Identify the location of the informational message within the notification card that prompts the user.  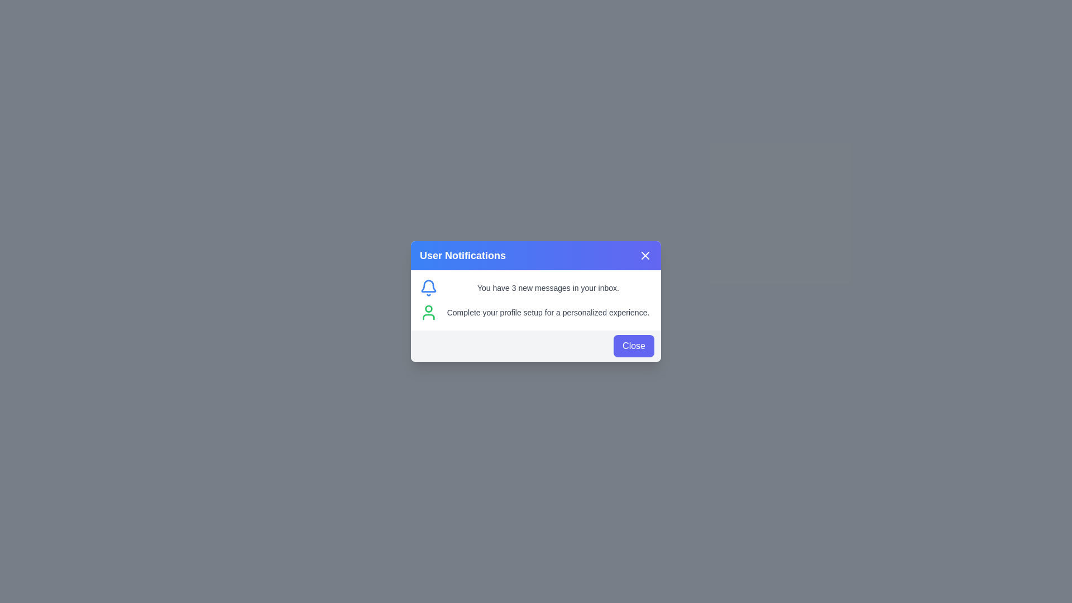
(536, 312).